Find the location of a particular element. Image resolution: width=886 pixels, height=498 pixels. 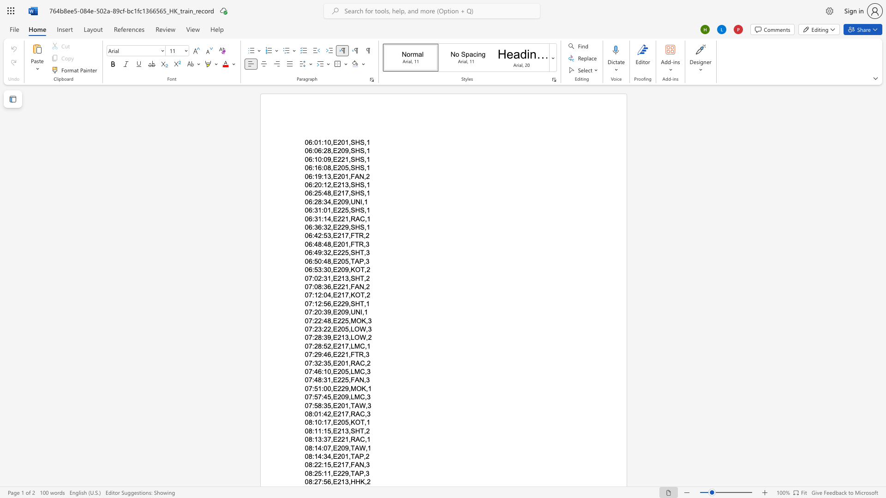

the subset text "4:34,E2" within the text "08:14:34,E201,TAP,2" is located at coordinates (318, 456).